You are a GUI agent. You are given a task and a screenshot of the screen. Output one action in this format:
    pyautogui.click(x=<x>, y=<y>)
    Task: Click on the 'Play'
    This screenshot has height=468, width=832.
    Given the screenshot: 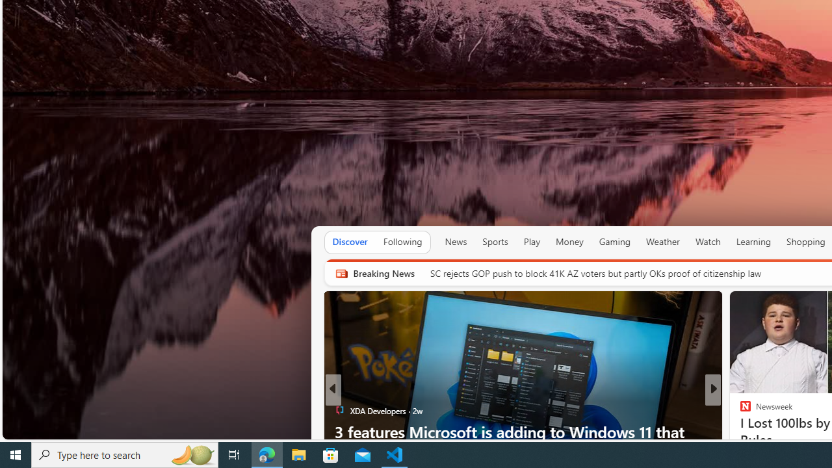 What is the action you would take?
    pyautogui.click(x=531, y=241)
    